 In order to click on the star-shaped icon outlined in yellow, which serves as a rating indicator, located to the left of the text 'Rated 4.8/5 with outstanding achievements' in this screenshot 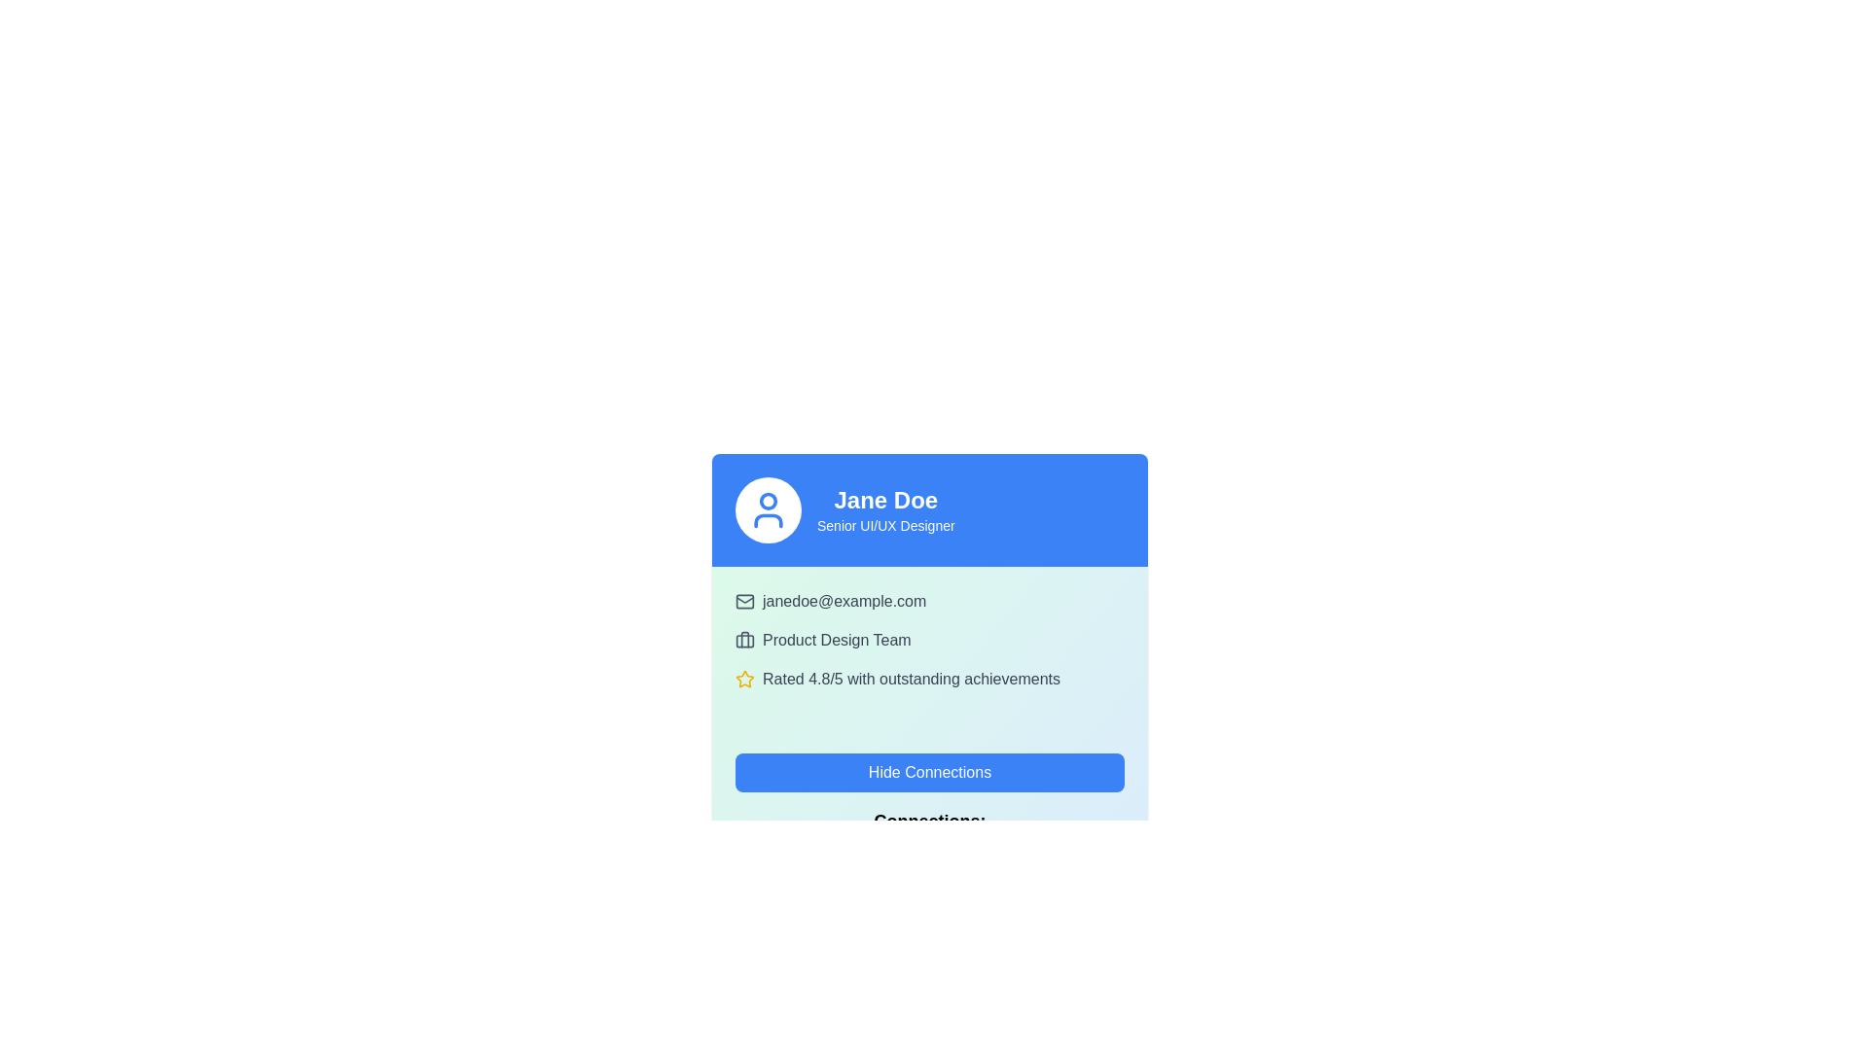, I will do `click(744, 678)`.